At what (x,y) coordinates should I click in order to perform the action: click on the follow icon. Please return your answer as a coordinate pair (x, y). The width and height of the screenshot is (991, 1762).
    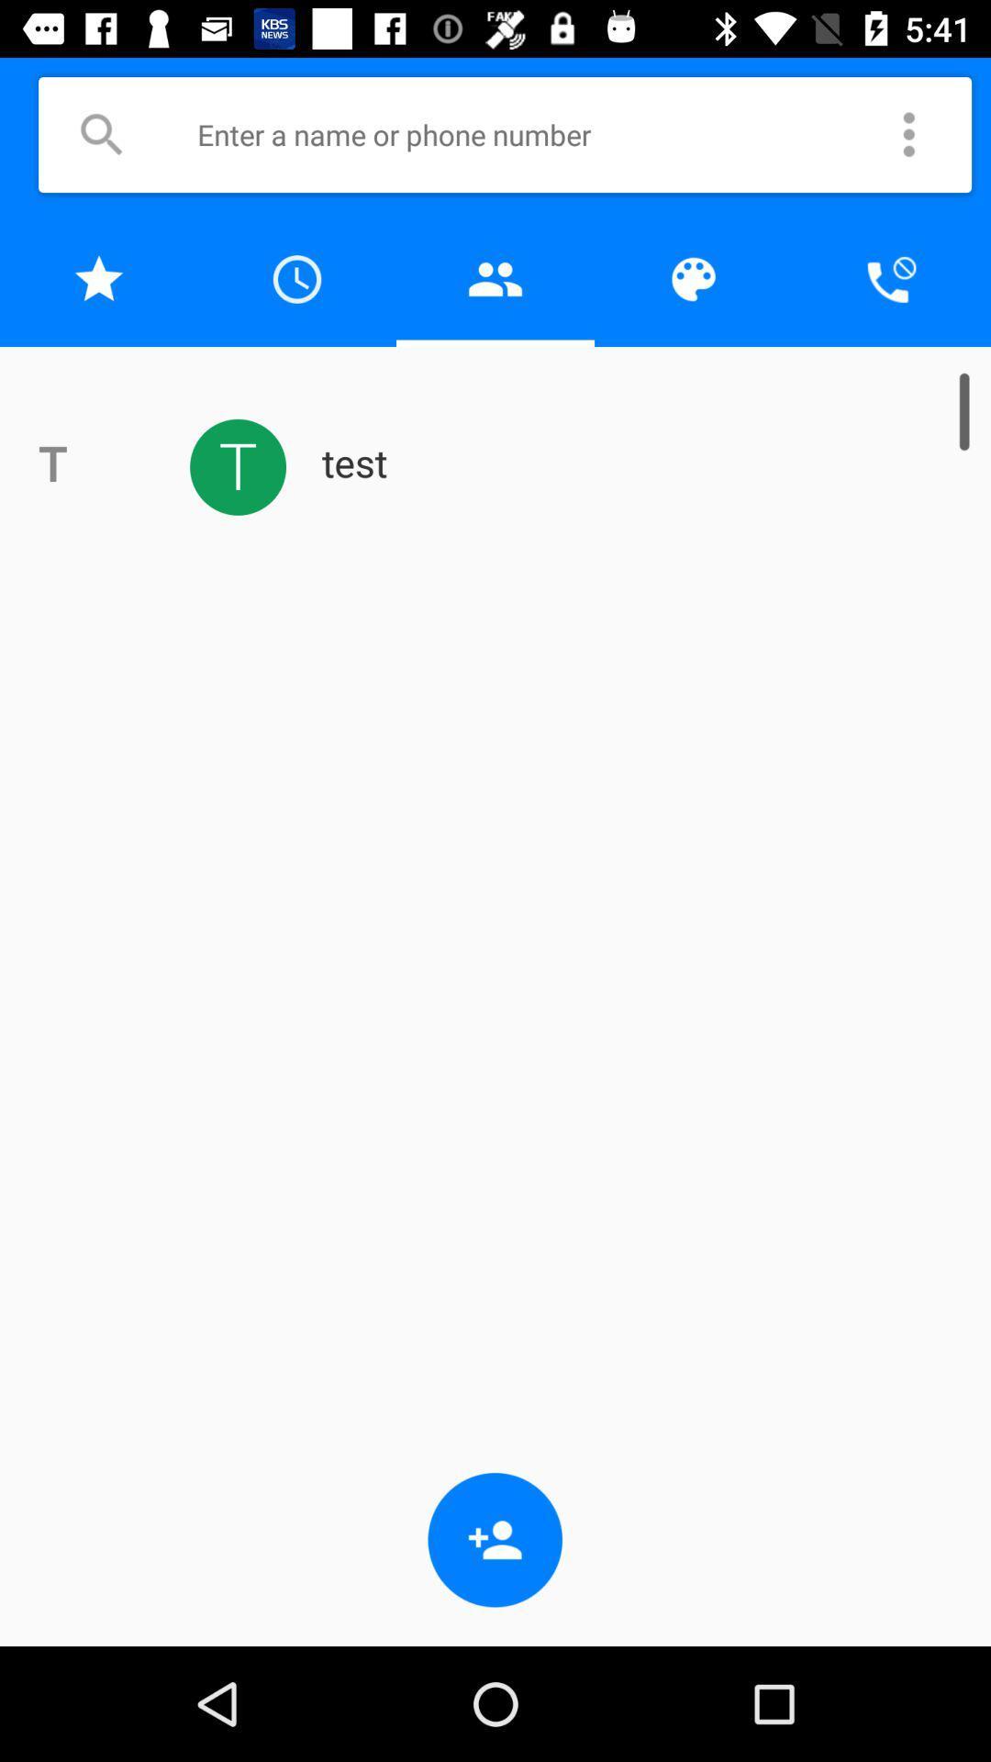
    Looking at the image, I should click on (495, 1540).